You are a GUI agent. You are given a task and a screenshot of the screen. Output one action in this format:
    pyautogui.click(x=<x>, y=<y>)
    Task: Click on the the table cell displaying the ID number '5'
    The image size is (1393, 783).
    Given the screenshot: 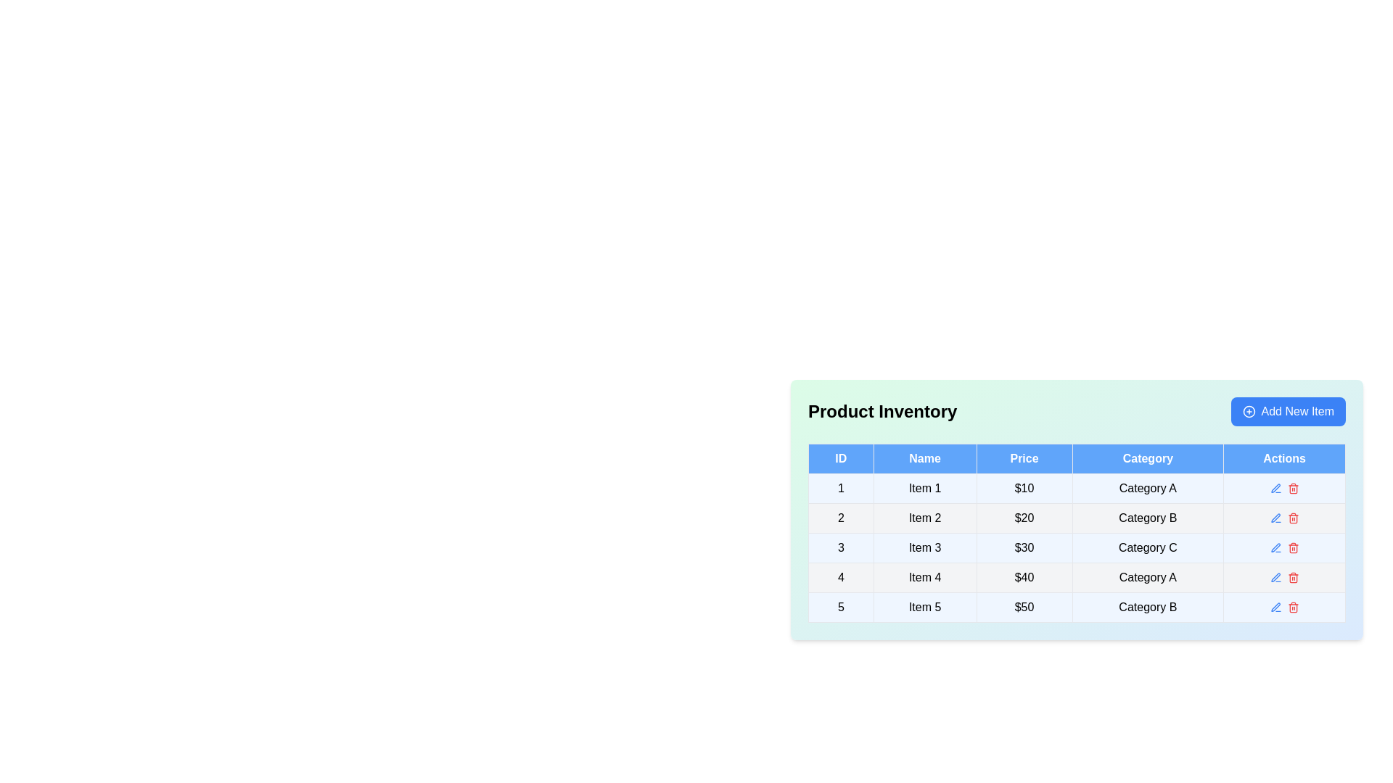 What is the action you would take?
    pyautogui.click(x=841, y=607)
    